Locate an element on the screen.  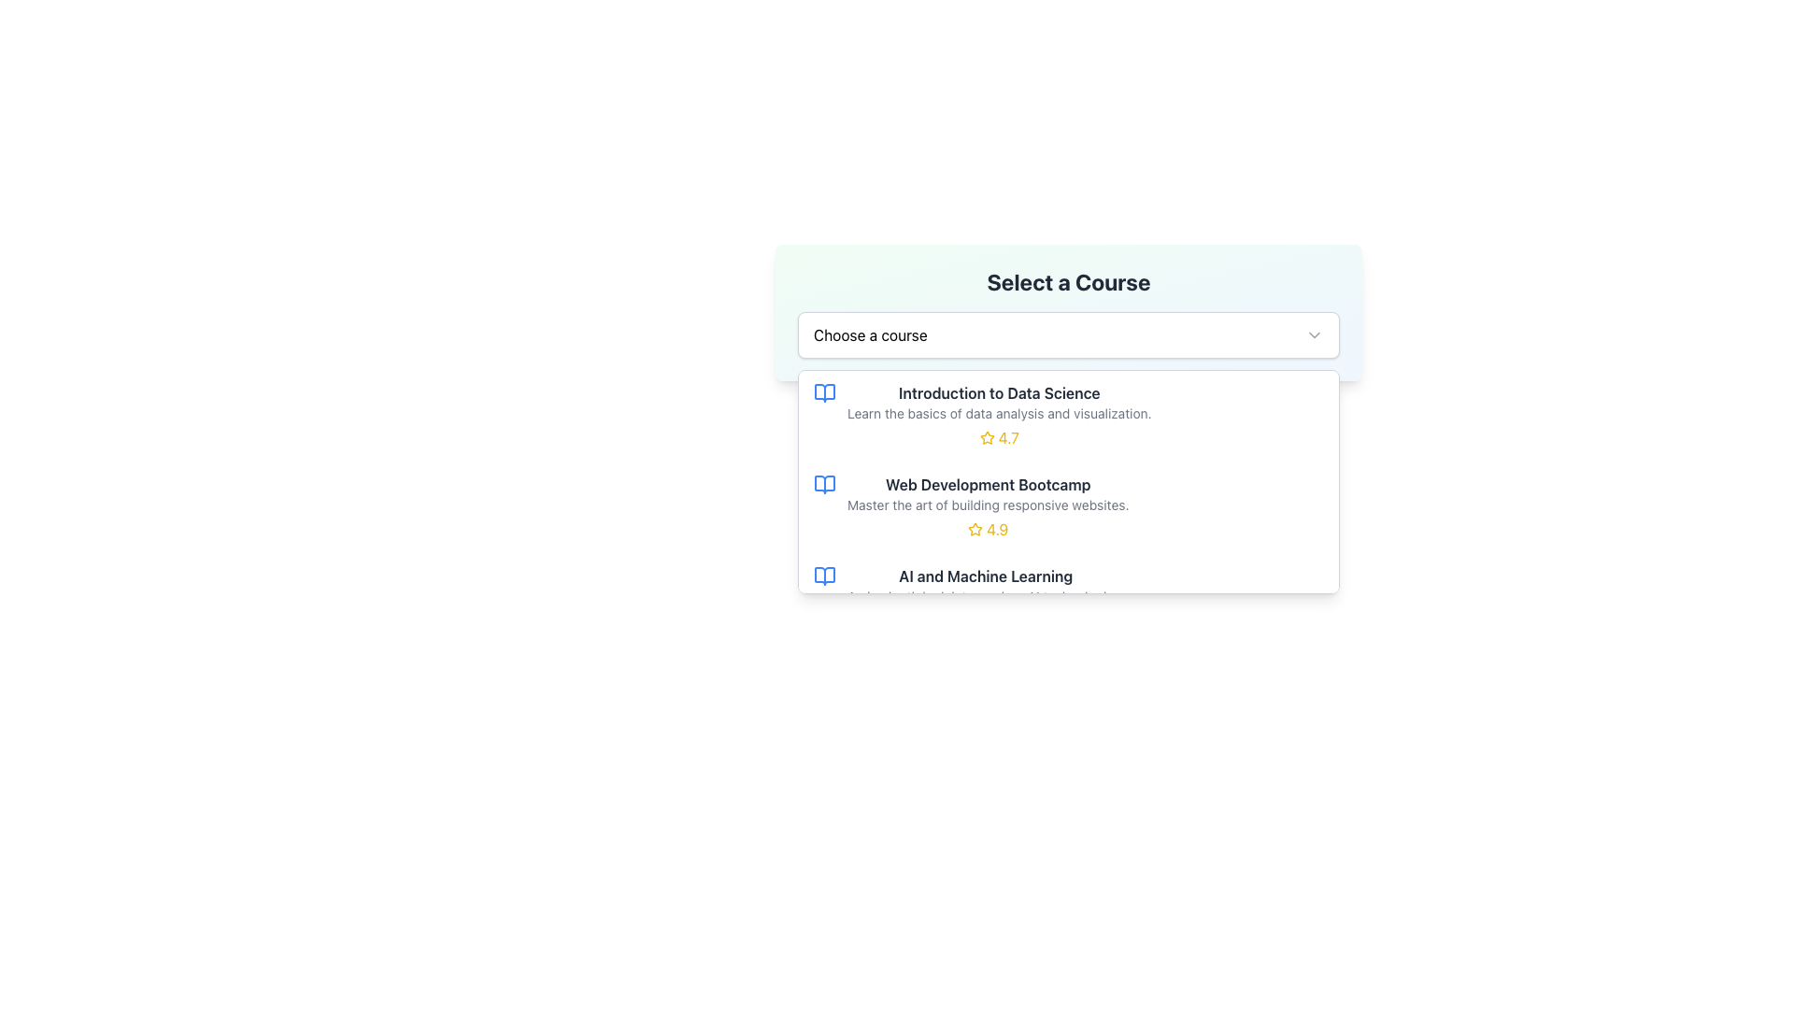
the informational text element located below the title 'AI and Machine Learning' and above the rating component '4.8'. This text serves to provide additional context about the title is located at coordinates (985, 597).